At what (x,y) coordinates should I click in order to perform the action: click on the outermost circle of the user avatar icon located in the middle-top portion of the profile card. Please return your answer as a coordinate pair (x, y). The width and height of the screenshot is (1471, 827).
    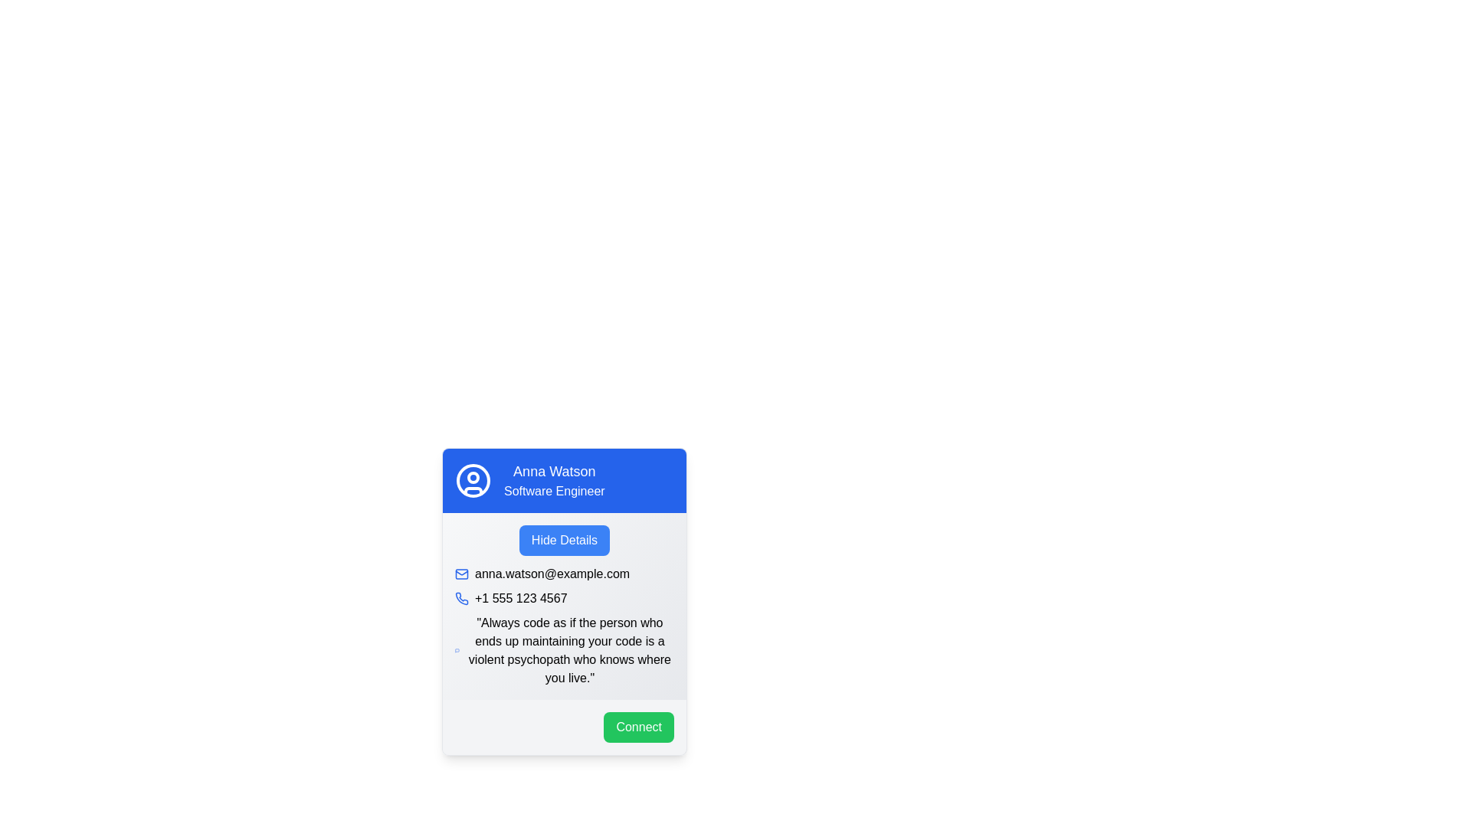
    Looking at the image, I should click on (473, 480).